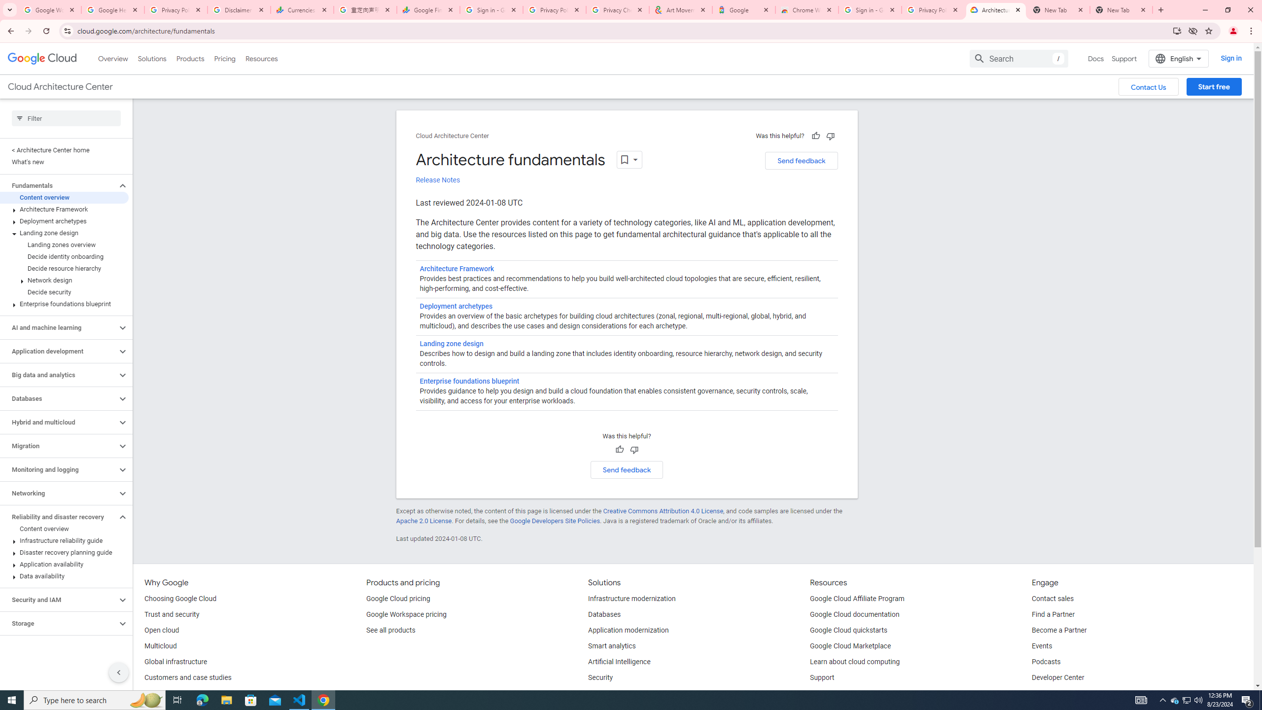  What do you see at coordinates (58, 351) in the screenshot?
I see `'Application development'` at bounding box center [58, 351].